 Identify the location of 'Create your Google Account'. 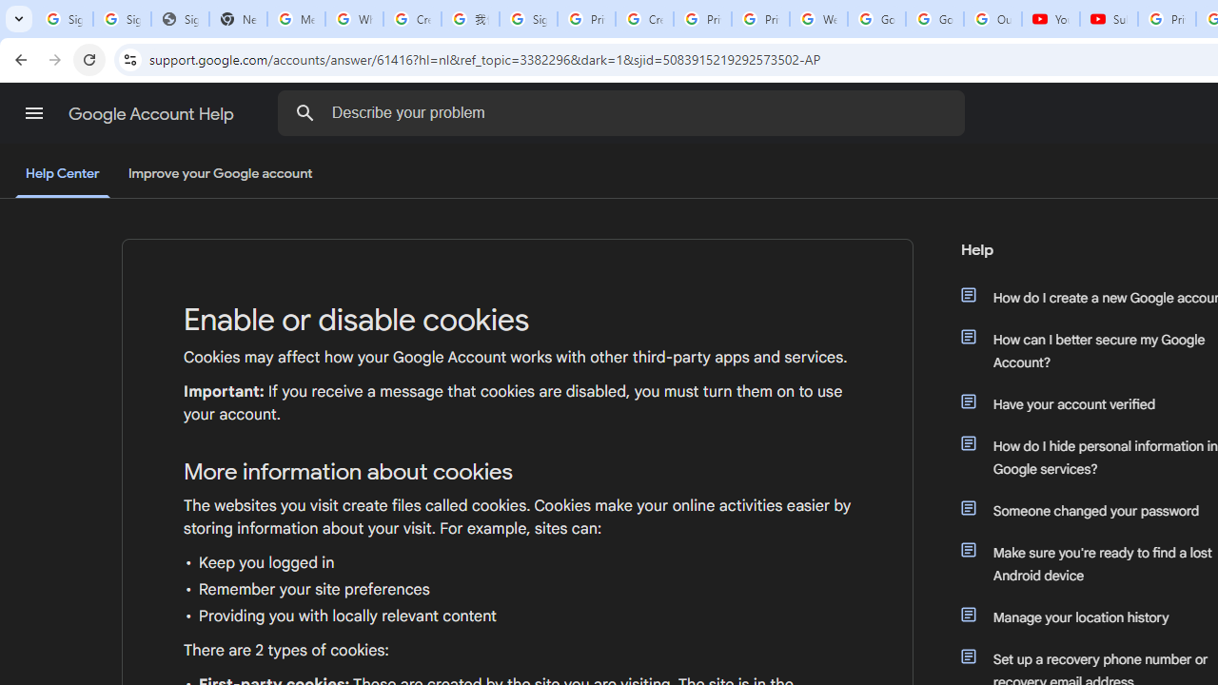
(644, 19).